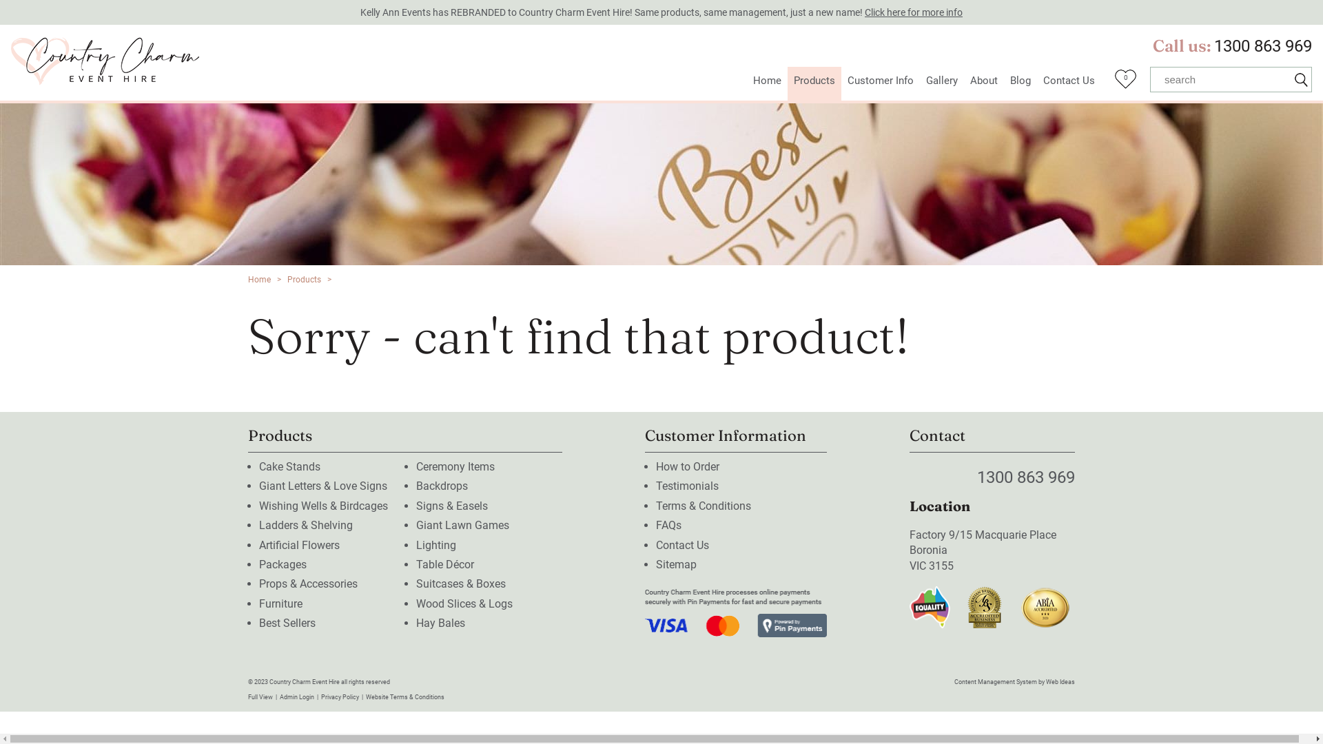 The height and width of the screenshot is (744, 1323). What do you see at coordinates (455, 466) in the screenshot?
I see `'Ceremony Items'` at bounding box center [455, 466].